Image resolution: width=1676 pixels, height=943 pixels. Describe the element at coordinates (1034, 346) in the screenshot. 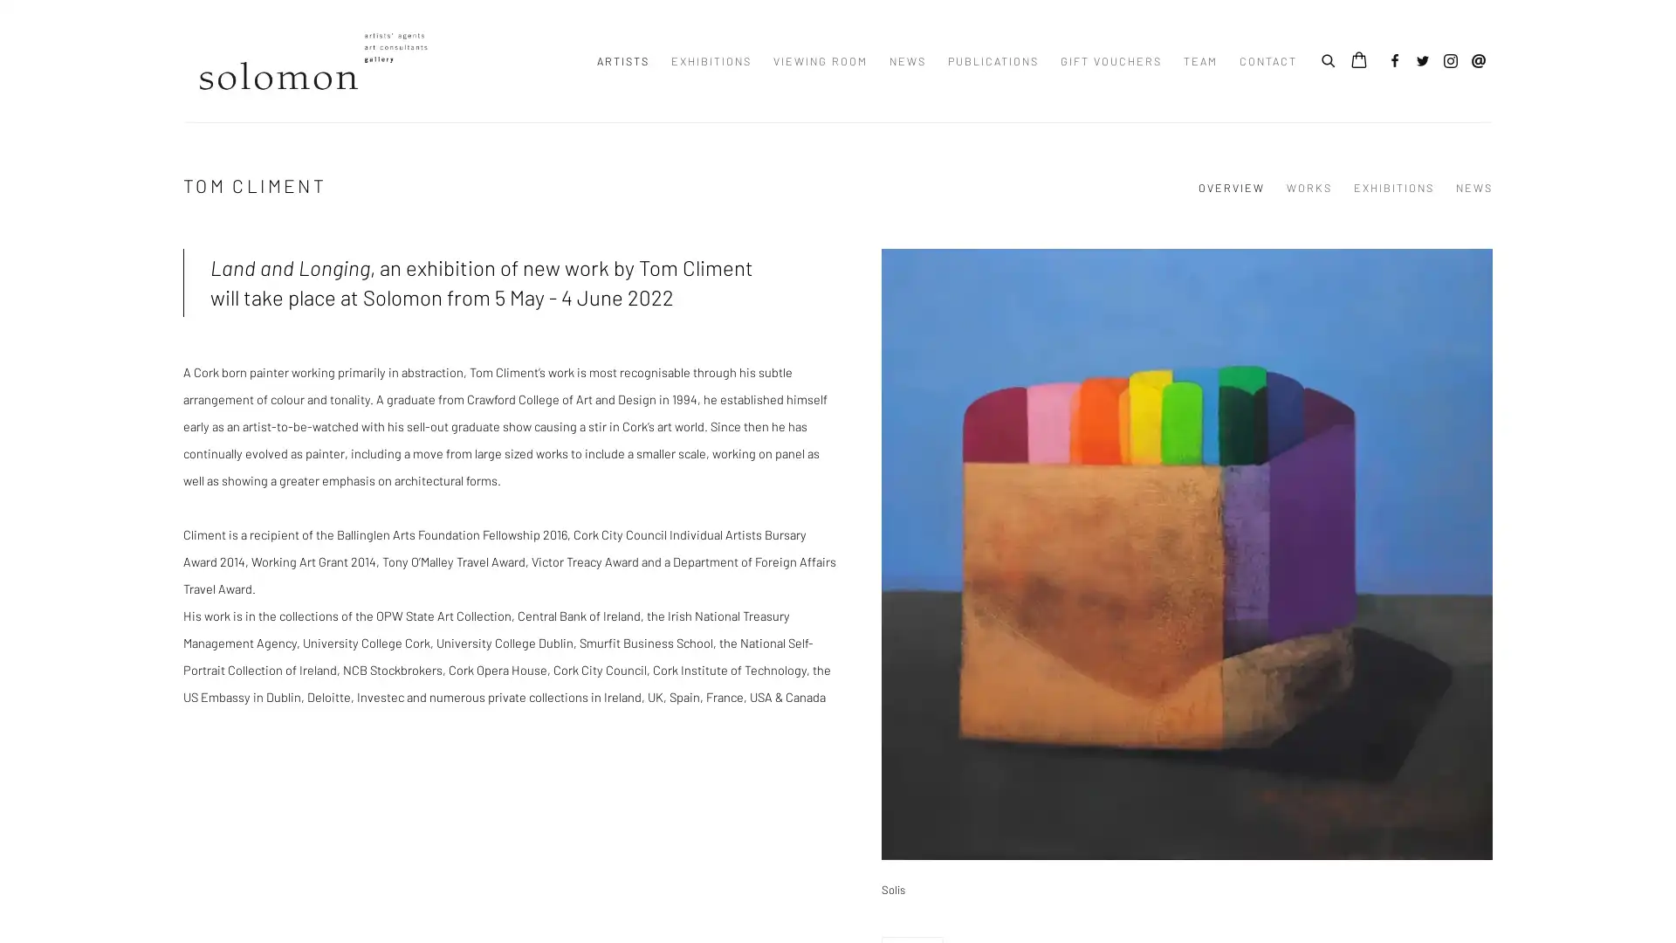

I see `Close` at that location.